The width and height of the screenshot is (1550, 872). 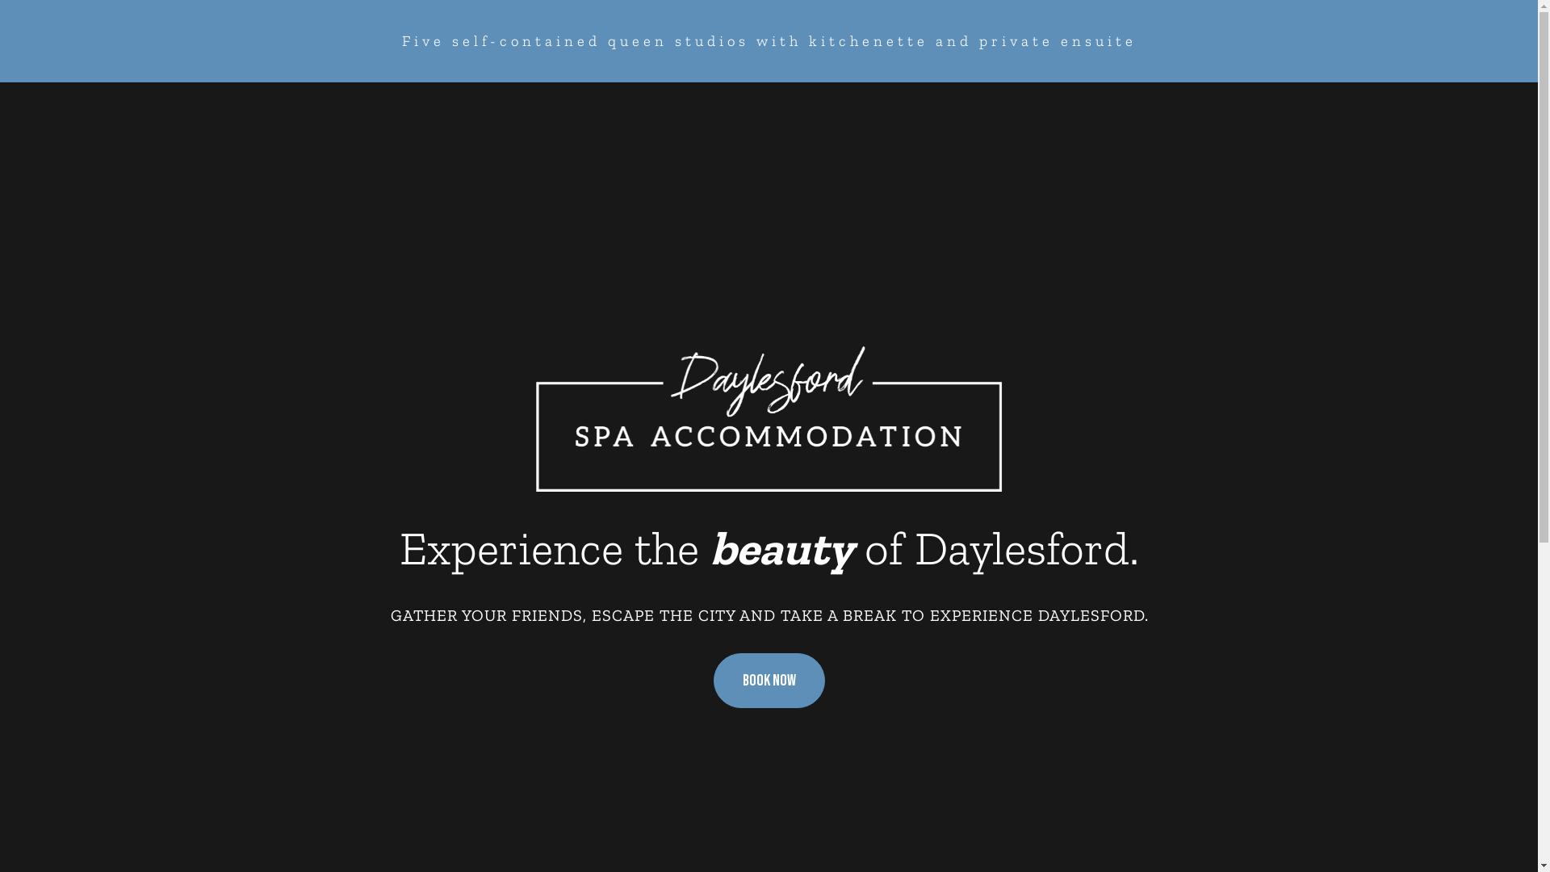 What do you see at coordinates (769, 681) in the screenshot?
I see `'BOOK NOW'` at bounding box center [769, 681].